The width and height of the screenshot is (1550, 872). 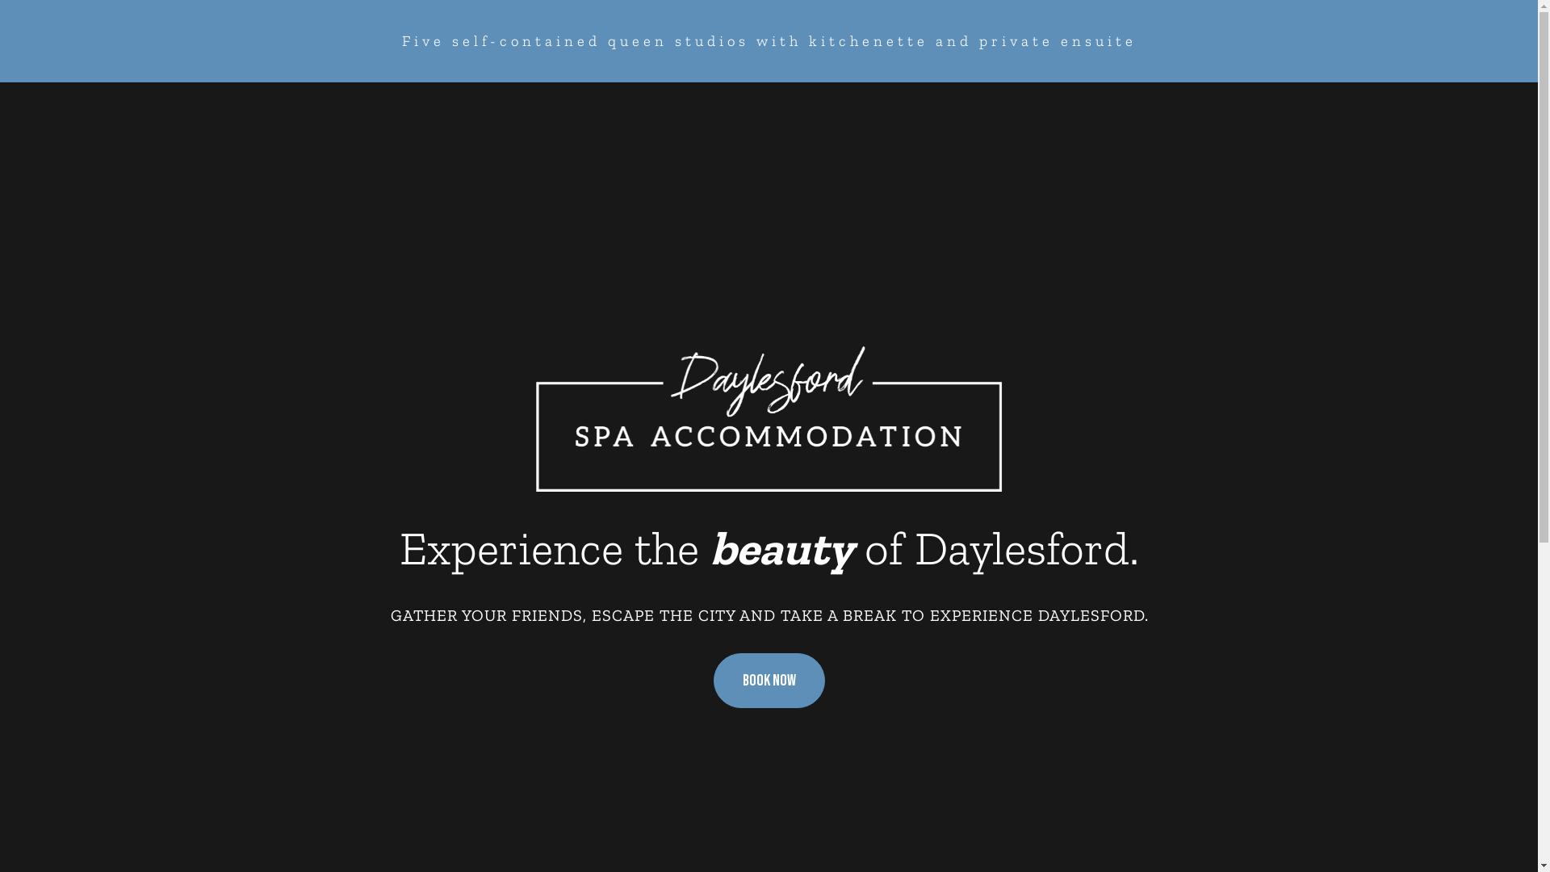 What do you see at coordinates (769, 681) in the screenshot?
I see `'BOOK NOW'` at bounding box center [769, 681].